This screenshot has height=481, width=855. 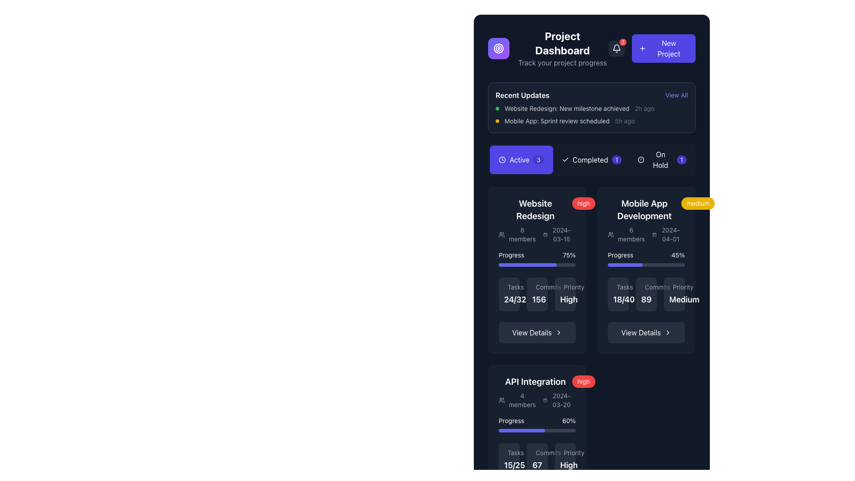 What do you see at coordinates (535, 209) in the screenshot?
I see `the text block element displaying 'Website Redesign', which is styled in white color with a large and bold font on a dark blue background, located in the upper-left section of a project entry card` at bounding box center [535, 209].